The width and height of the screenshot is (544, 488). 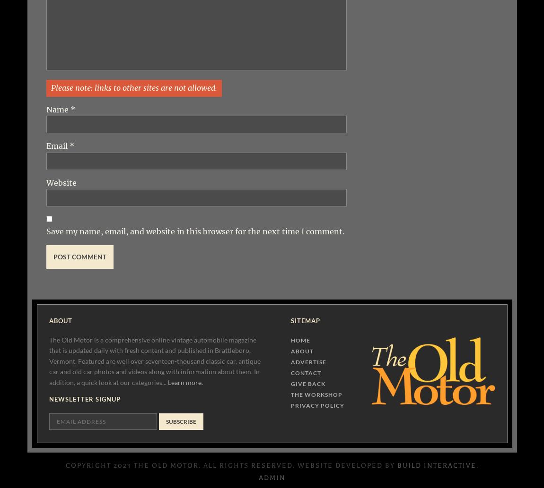 I want to click on 'The Workshop', so click(x=316, y=394).